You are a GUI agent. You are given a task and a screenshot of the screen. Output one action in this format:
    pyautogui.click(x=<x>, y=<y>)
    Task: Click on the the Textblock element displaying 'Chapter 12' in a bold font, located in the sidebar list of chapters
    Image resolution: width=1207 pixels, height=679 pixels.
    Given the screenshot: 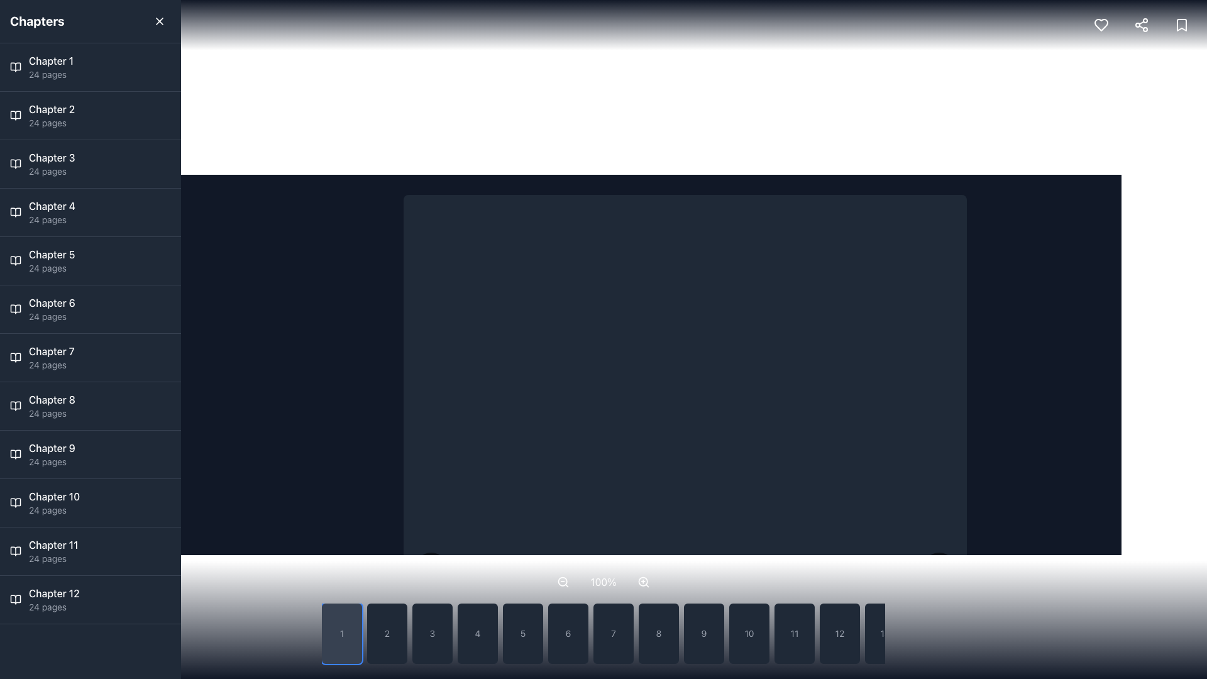 What is the action you would take?
    pyautogui.click(x=53, y=599)
    